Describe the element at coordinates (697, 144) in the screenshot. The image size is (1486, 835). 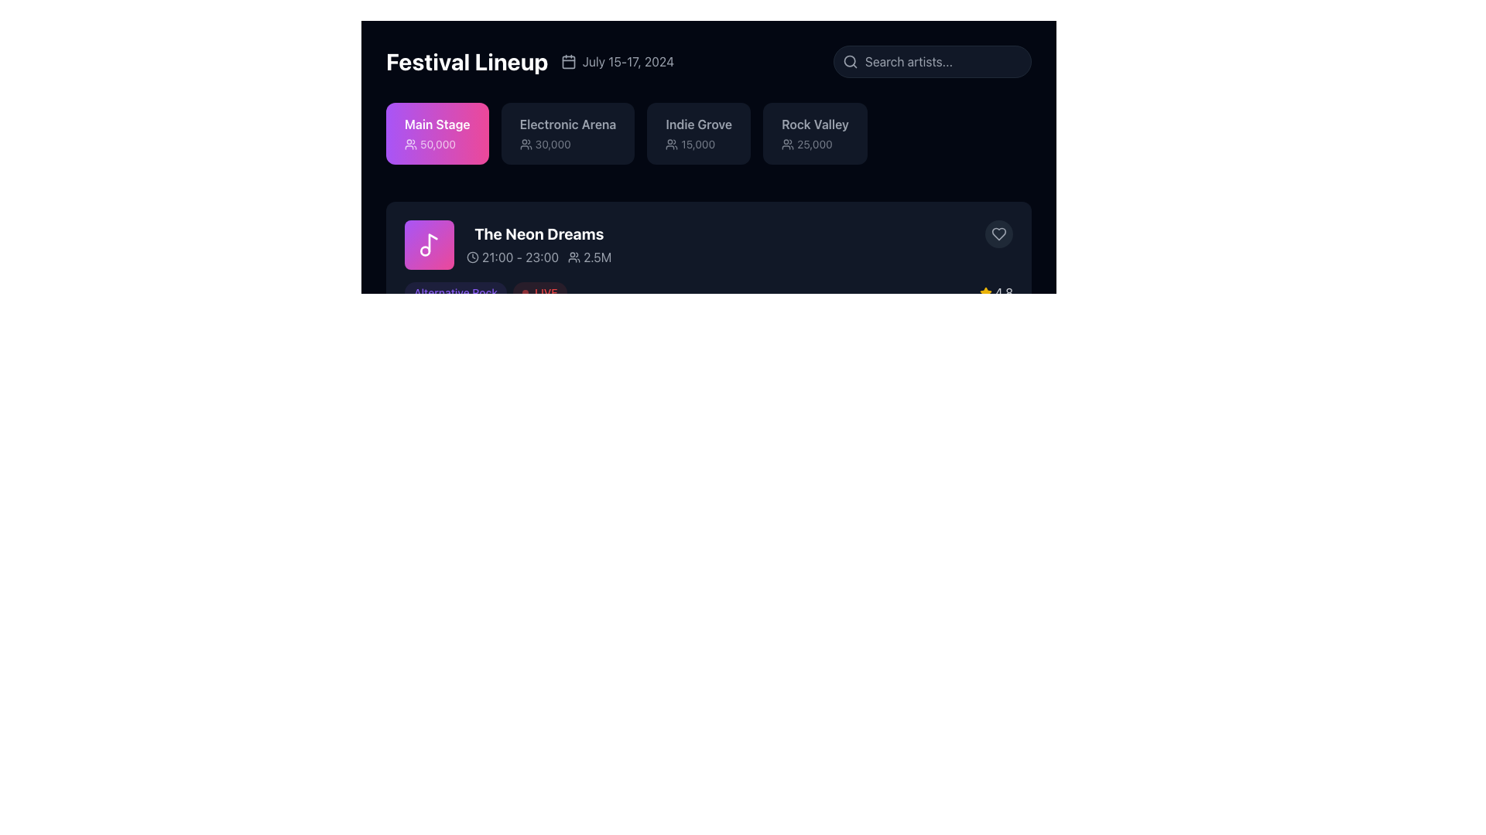
I see `the static text label displaying the value '15,000' located within the 'Indie Grove' card, positioned beneath the user icon` at that location.